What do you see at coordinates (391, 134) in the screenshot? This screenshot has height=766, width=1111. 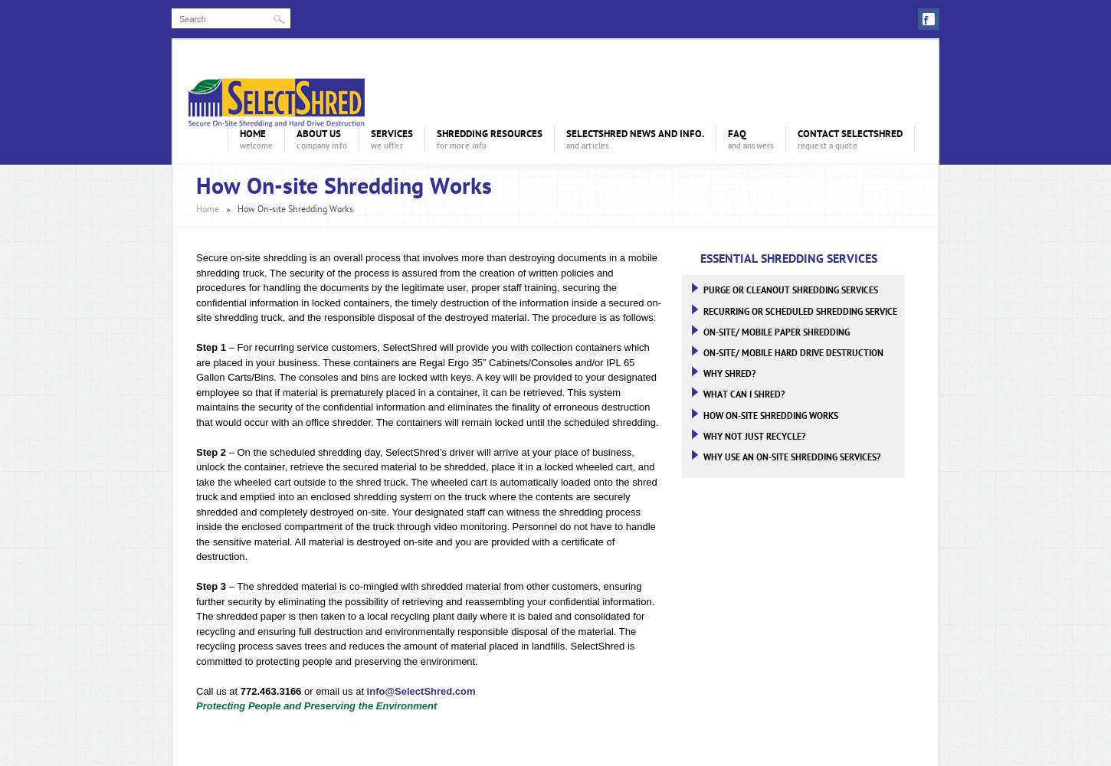 I see `'Services'` at bounding box center [391, 134].